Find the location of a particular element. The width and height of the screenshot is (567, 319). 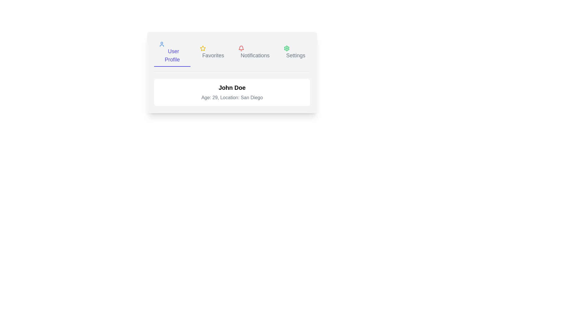

the settings icon, which is the fourth icon in the top-right section of the horizontal navigation bar is located at coordinates (286, 48).